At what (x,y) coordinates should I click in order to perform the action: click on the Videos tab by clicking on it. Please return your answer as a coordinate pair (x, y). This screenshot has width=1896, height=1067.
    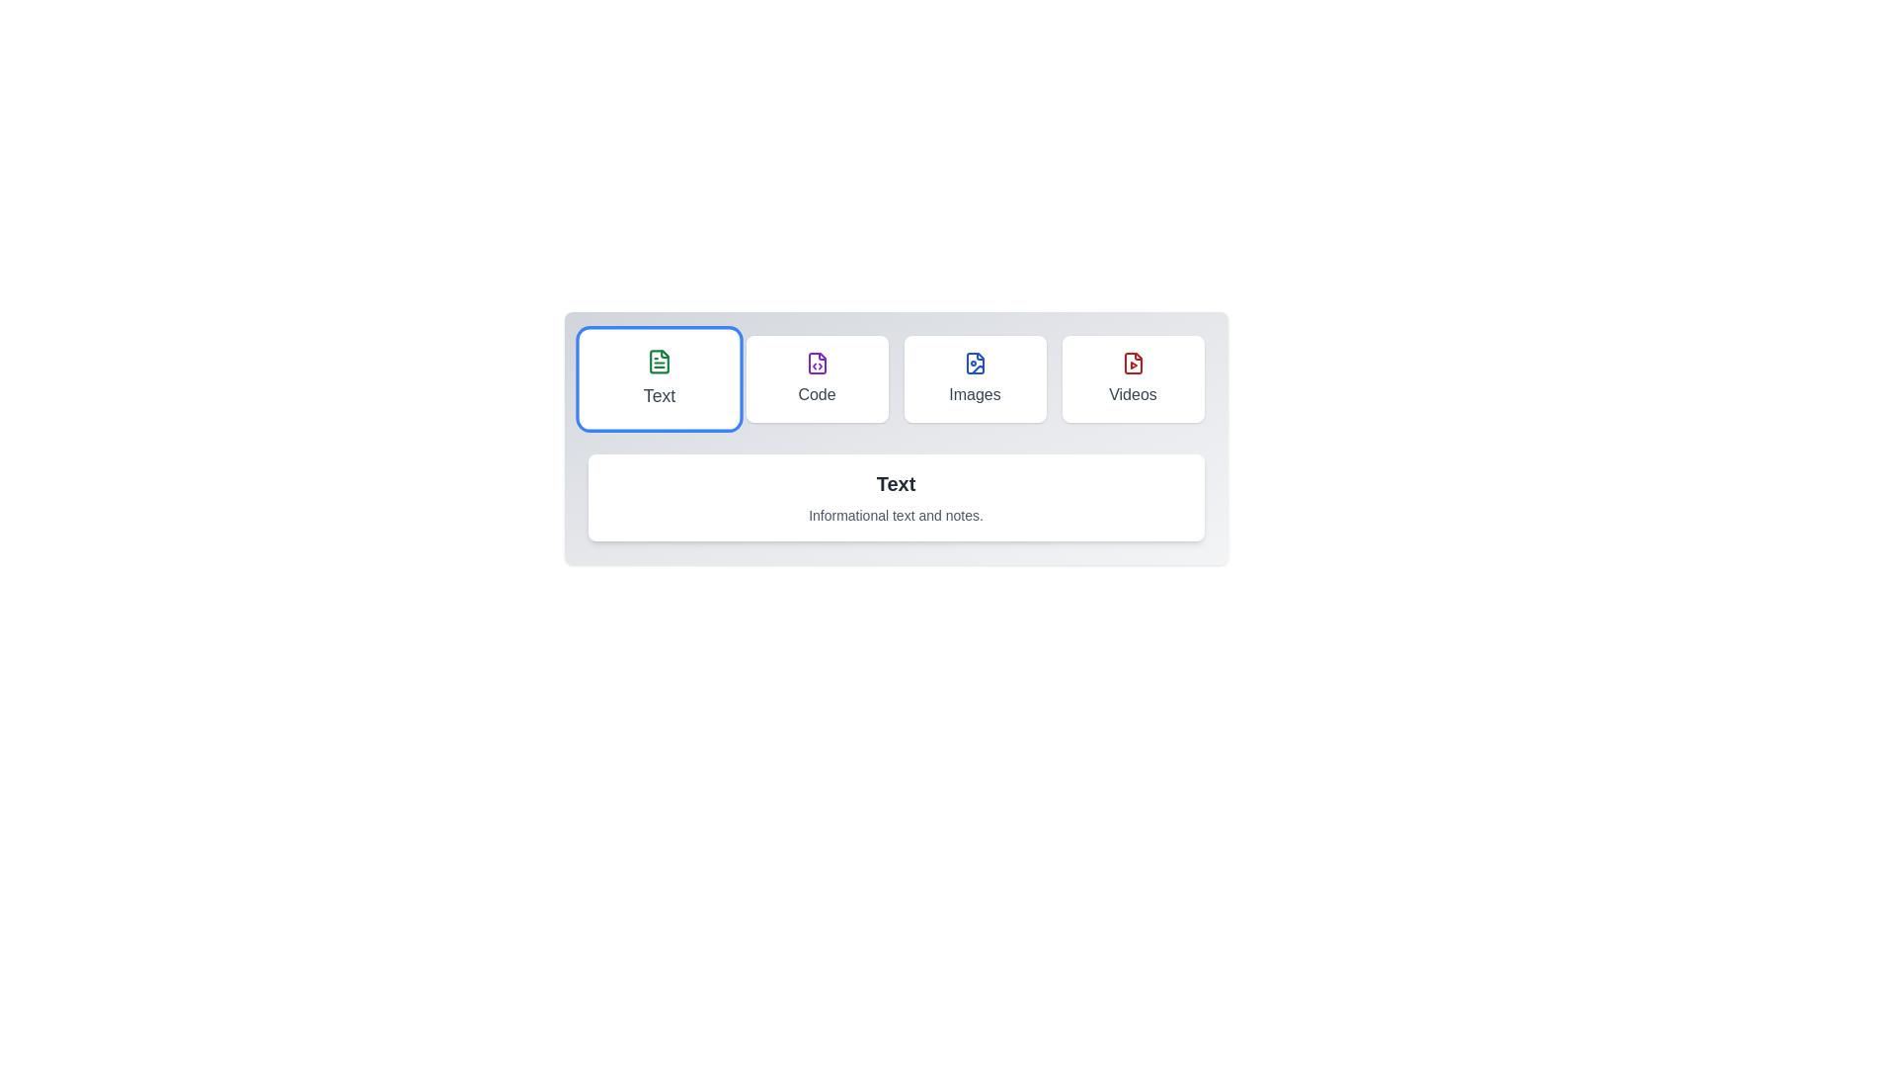
    Looking at the image, I should click on (1133, 379).